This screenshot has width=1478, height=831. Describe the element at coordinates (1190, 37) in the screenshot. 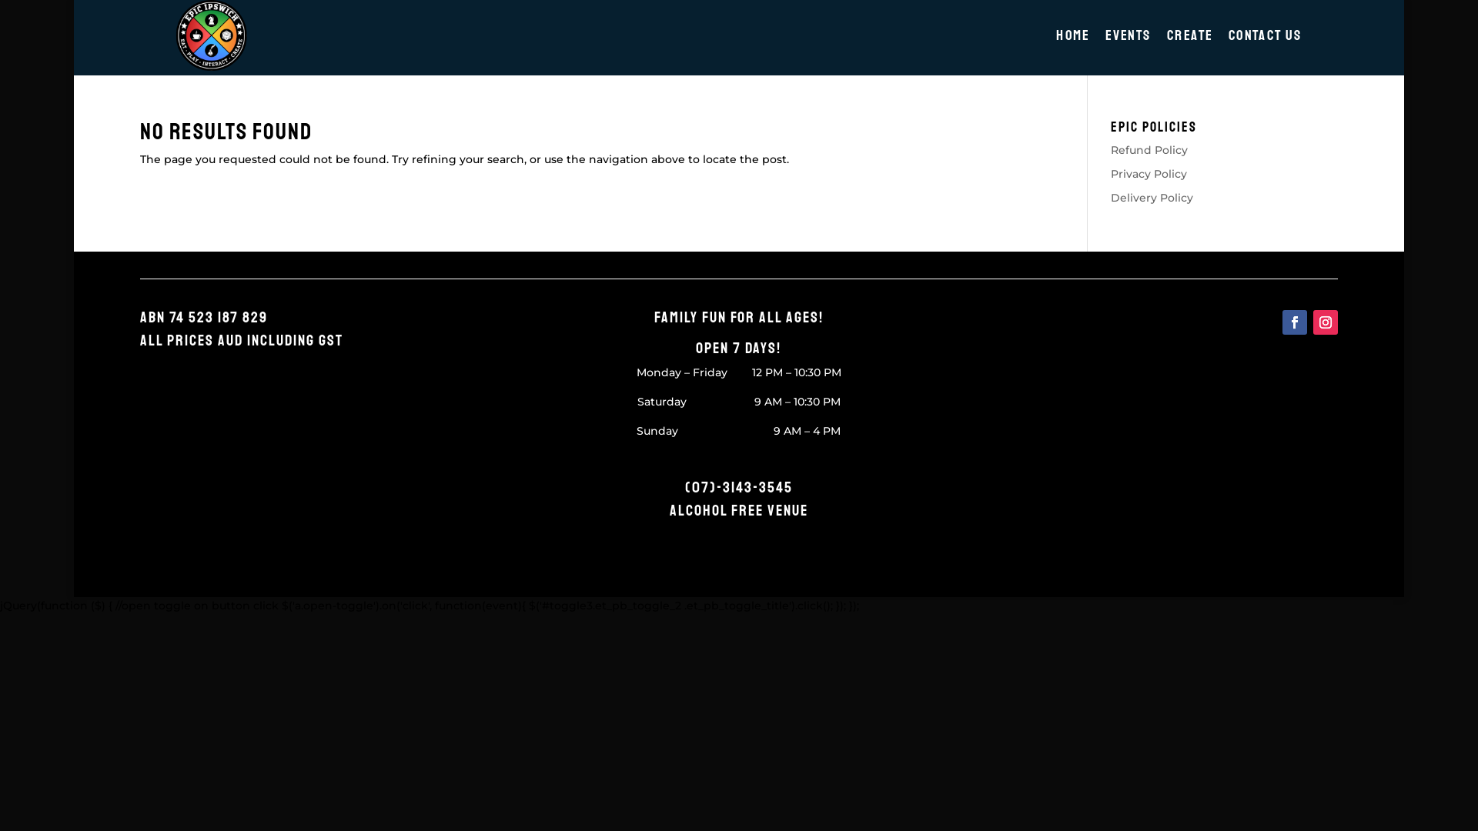

I see `'Create'` at that location.